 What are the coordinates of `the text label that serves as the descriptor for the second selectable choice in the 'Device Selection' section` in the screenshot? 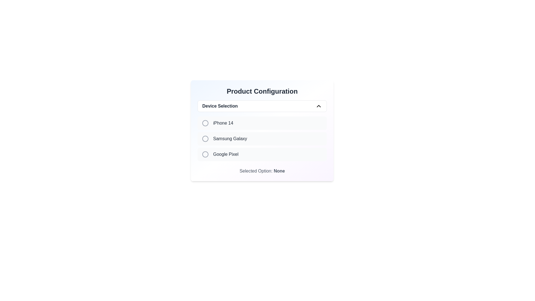 It's located at (230, 138).